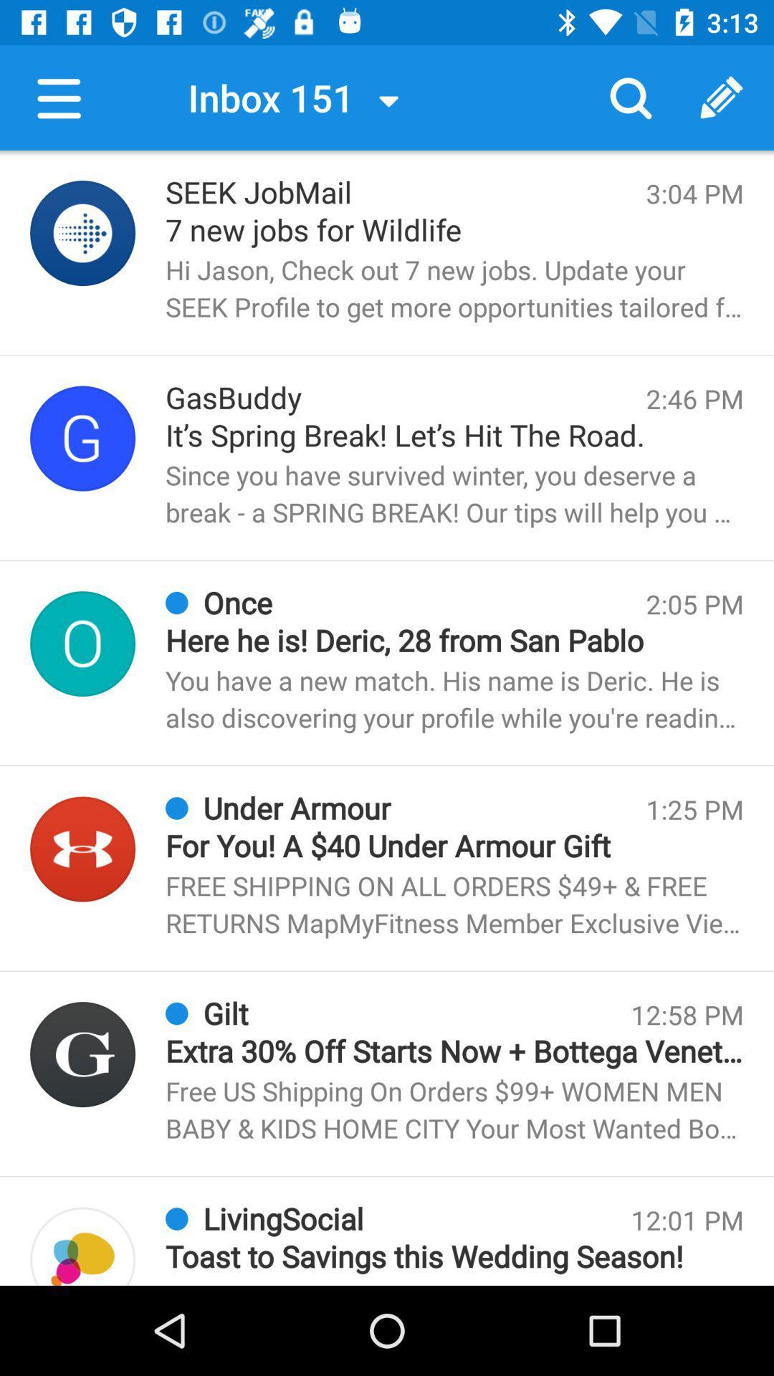 The height and width of the screenshot is (1376, 774). I want to click on logo, so click(82, 437).